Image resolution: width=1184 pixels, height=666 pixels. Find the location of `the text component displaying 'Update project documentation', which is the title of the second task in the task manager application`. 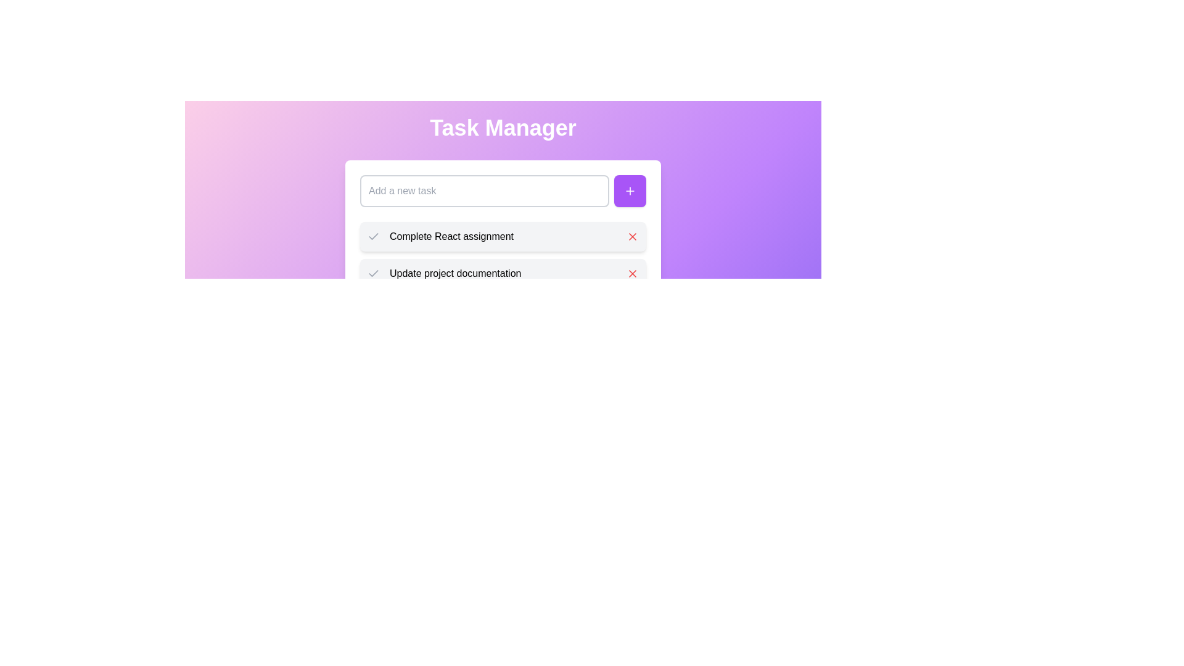

the text component displaying 'Update project documentation', which is the title of the second task in the task manager application is located at coordinates (508, 273).